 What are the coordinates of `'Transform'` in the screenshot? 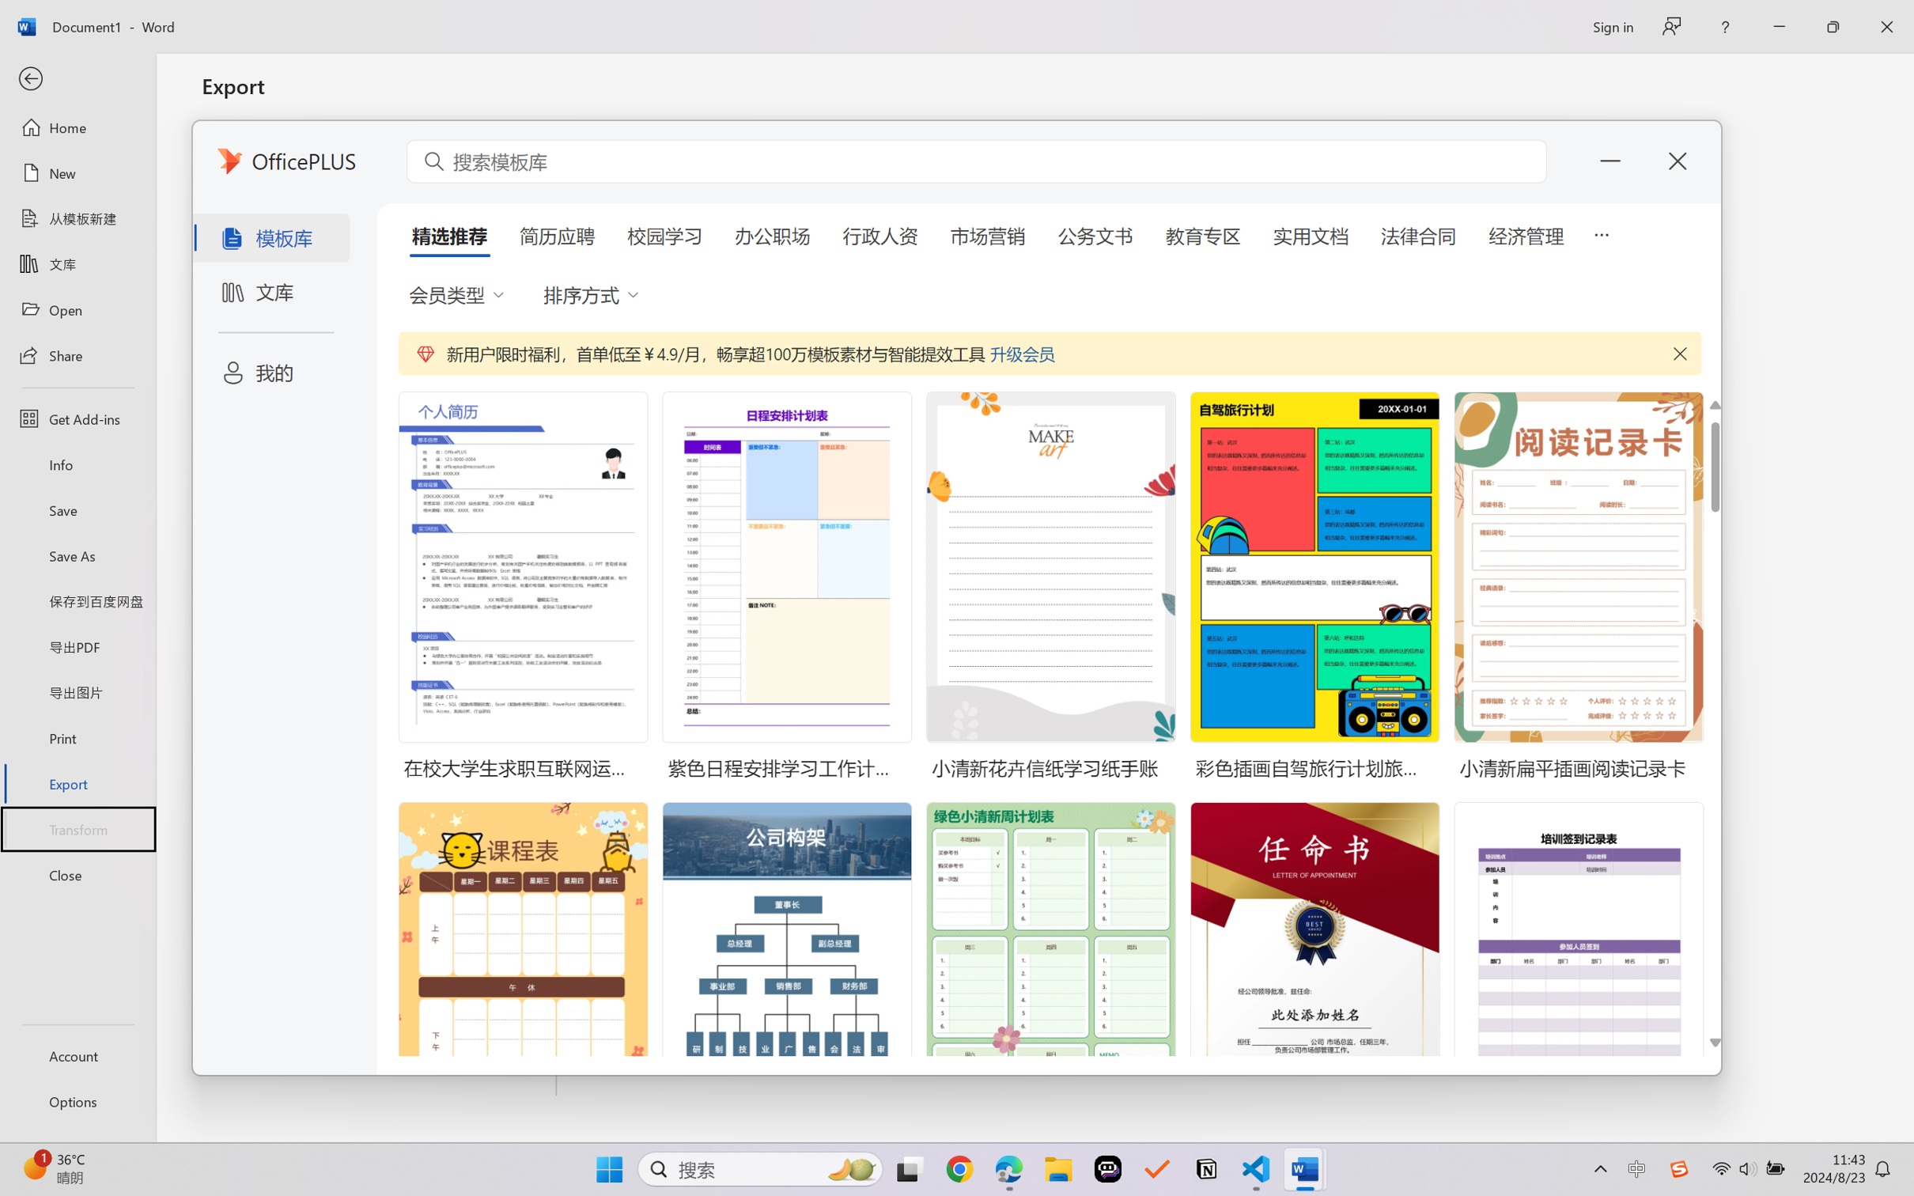 It's located at (77, 827).